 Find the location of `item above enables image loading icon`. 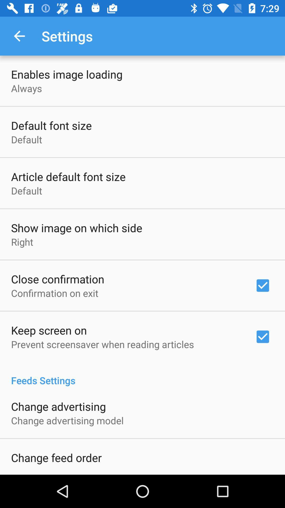

item above enables image loading icon is located at coordinates (19, 36).